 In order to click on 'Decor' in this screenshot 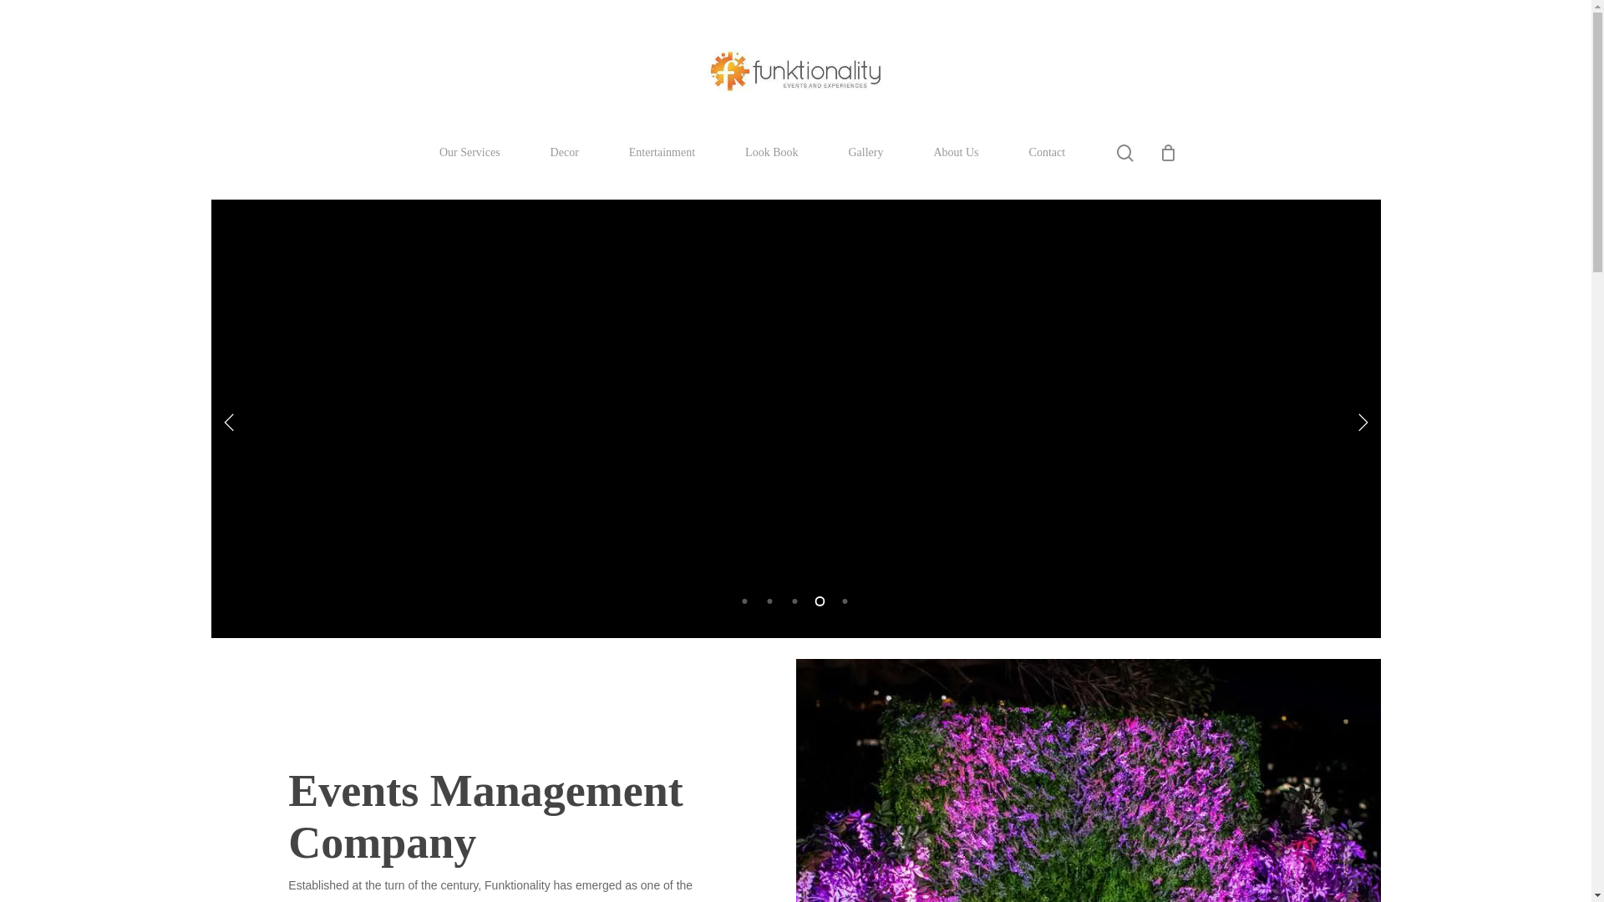, I will do `click(550, 152)`.